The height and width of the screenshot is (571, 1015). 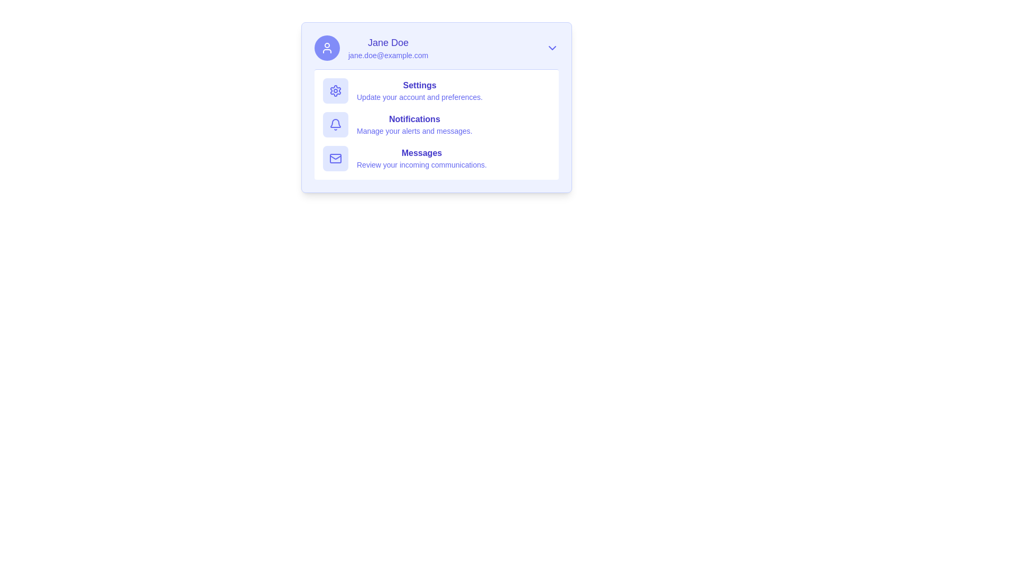 What do you see at coordinates (335, 90) in the screenshot?
I see `the gear-shaped settings icon located at the top of the vertical icon list in the card pop-up` at bounding box center [335, 90].